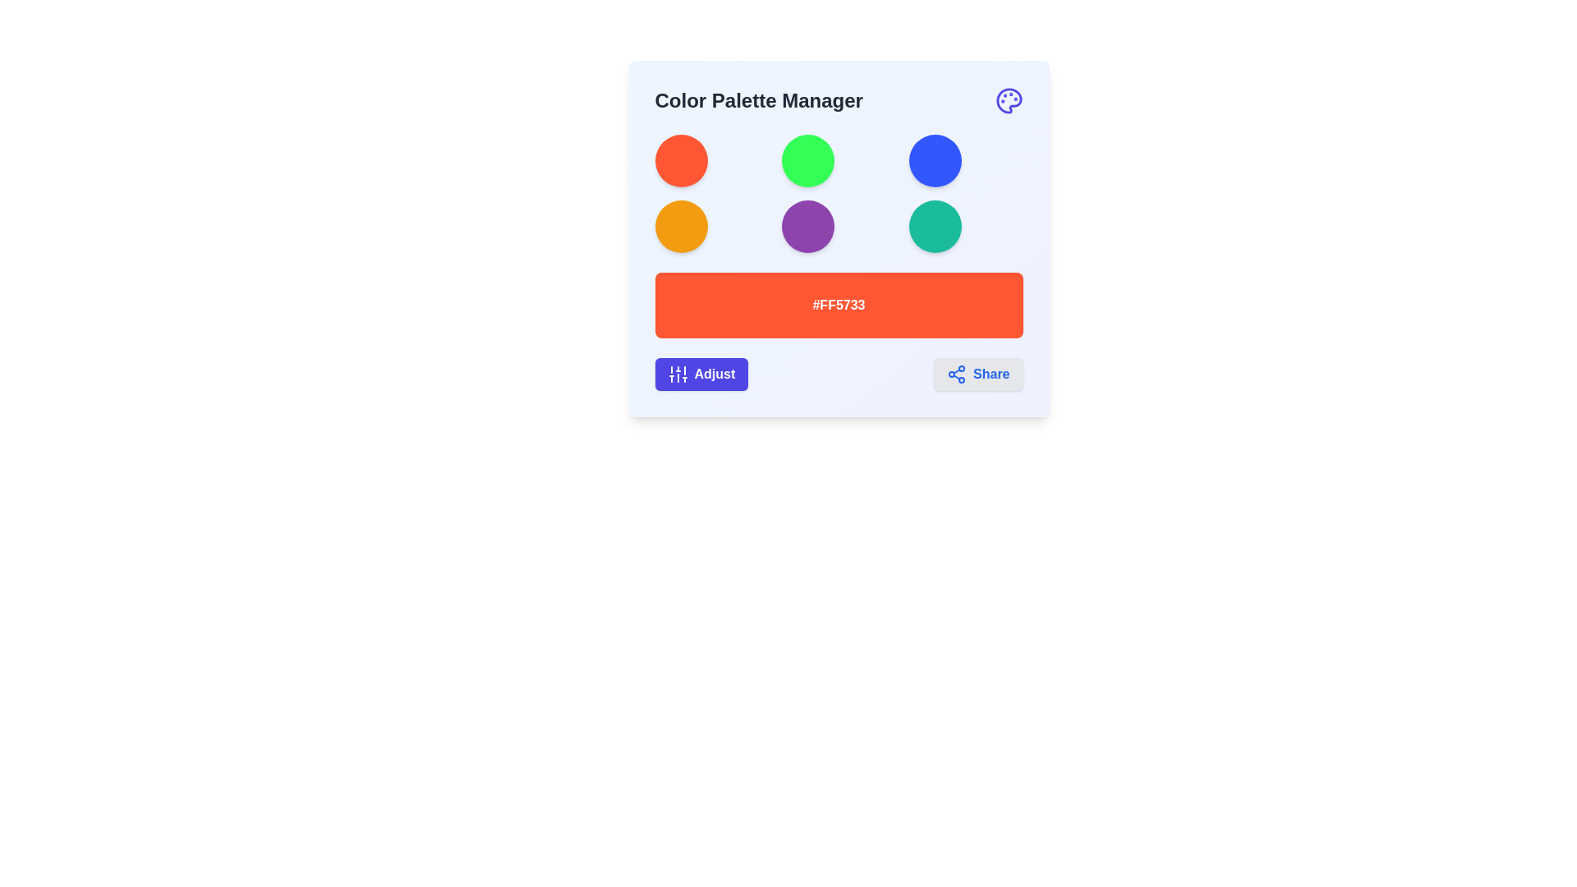 The image size is (1577, 887). What do you see at coordinates (681, 161) in the screenshot?
I see `the vibrant orange circular button located at the top-left of the grid` at bounding box center [681, 161].